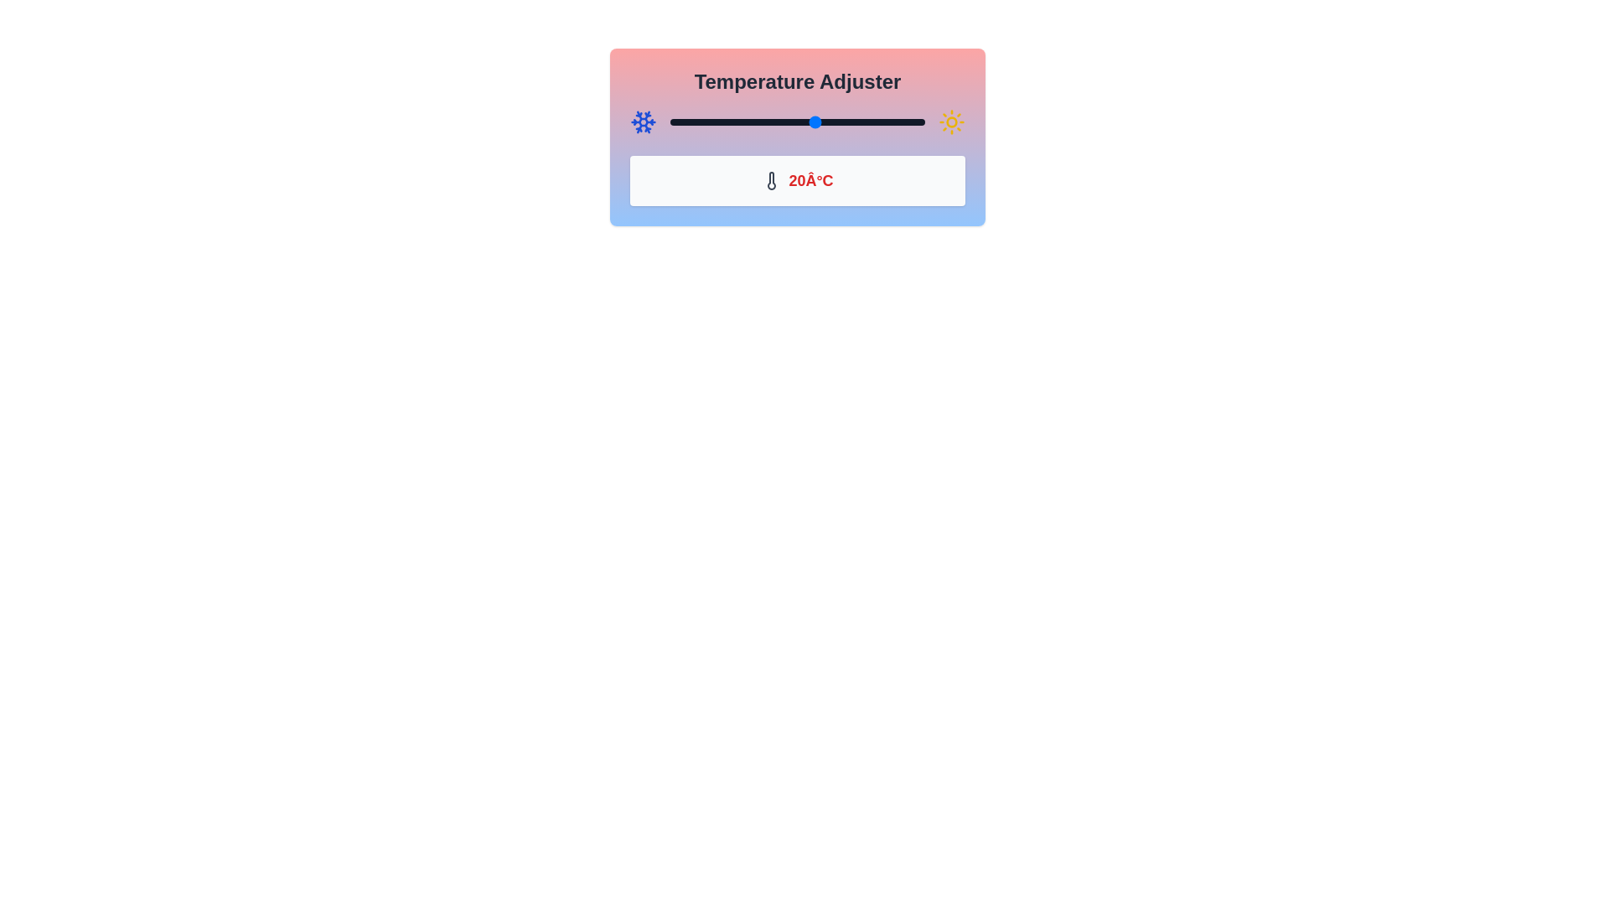 The width and height of the screenshot is (1609, 905). Describe the element at coordinates (952, 122) in the screenshot. I see `the sun icon to adjust the temperature settings` at that location.